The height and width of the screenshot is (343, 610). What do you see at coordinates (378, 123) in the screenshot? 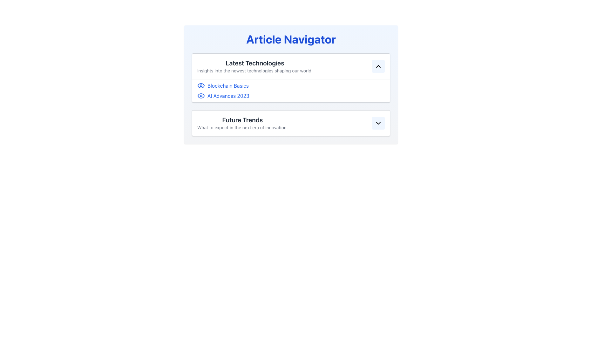
I see `the small, downward-pointing chevron icon button located in the 'Future Trends' section` at bounding box center [378, 123].